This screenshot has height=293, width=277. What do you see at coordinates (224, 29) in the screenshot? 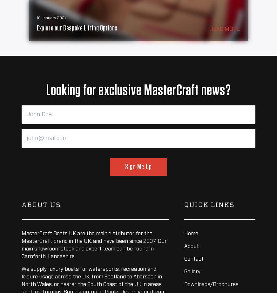
I see `'READ MORE'` at bounding box center [224, 29].